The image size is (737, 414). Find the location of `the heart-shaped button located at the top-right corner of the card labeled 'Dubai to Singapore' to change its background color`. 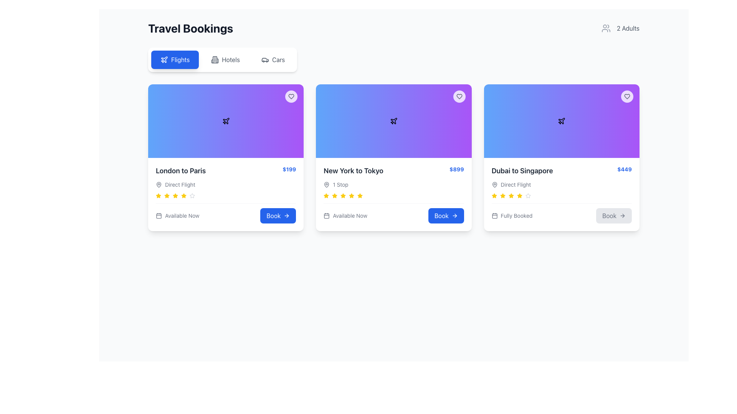

the heart-shaped button located at the top-right corner of the card labeled 'Dubai to Singapore' to change its background color is located at coordinates (627, 96).